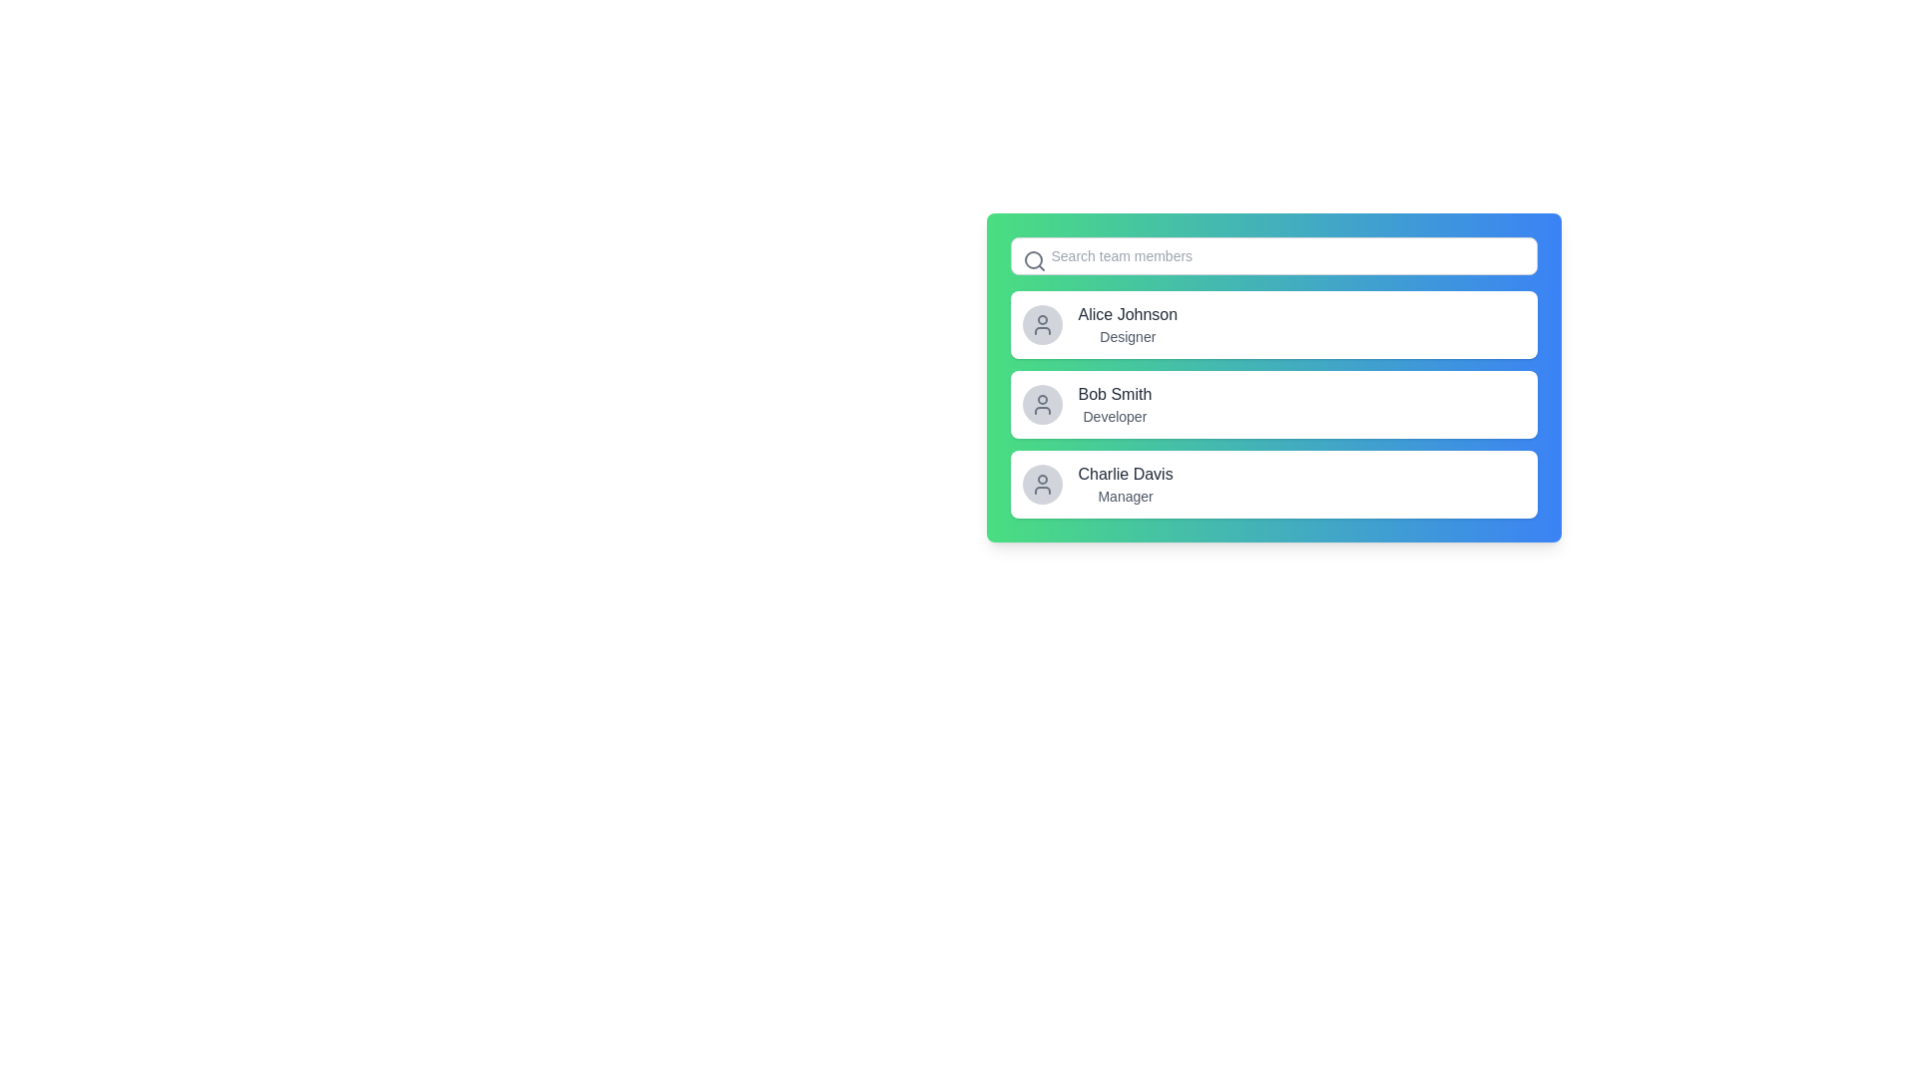 The height and width of the screenshot is (1077, 1916). Describe the element at coordinates (1041, 485) in the screenshot. I see `the Profile Icon representing Charlie Davis` at that location.